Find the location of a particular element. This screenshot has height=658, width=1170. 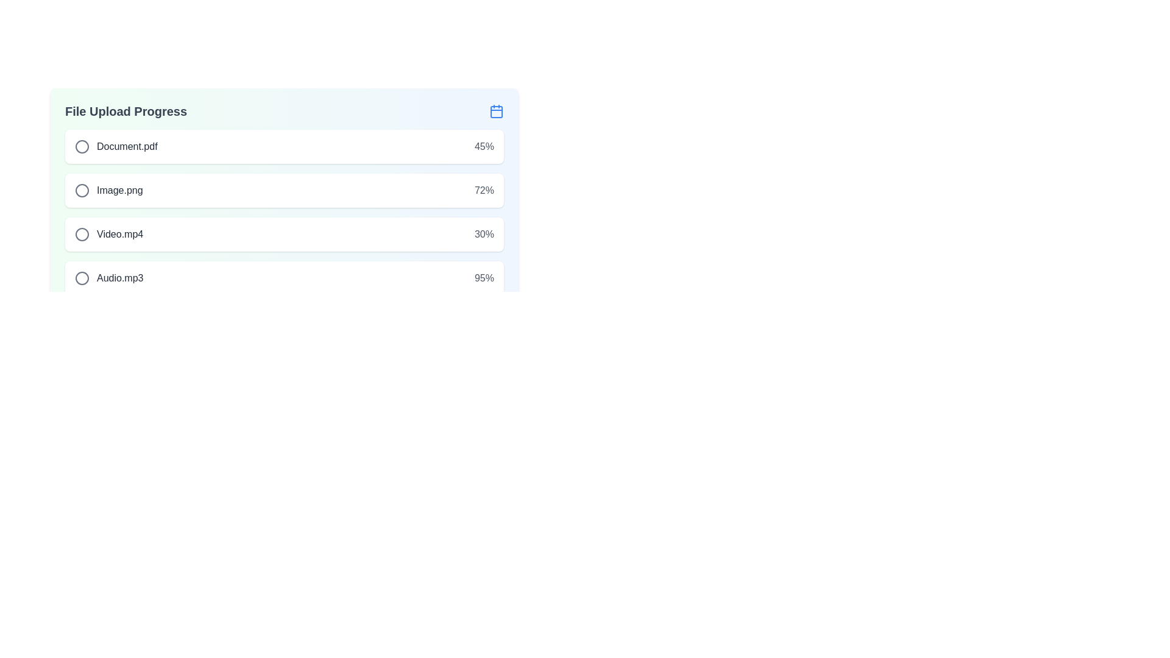

text displayed in the Text Label that shows '45%' in gray color, styled with the 'text-gray-600' class, located on the right side of the 'File Upload Progress' section is located at coordinates (484, 146).